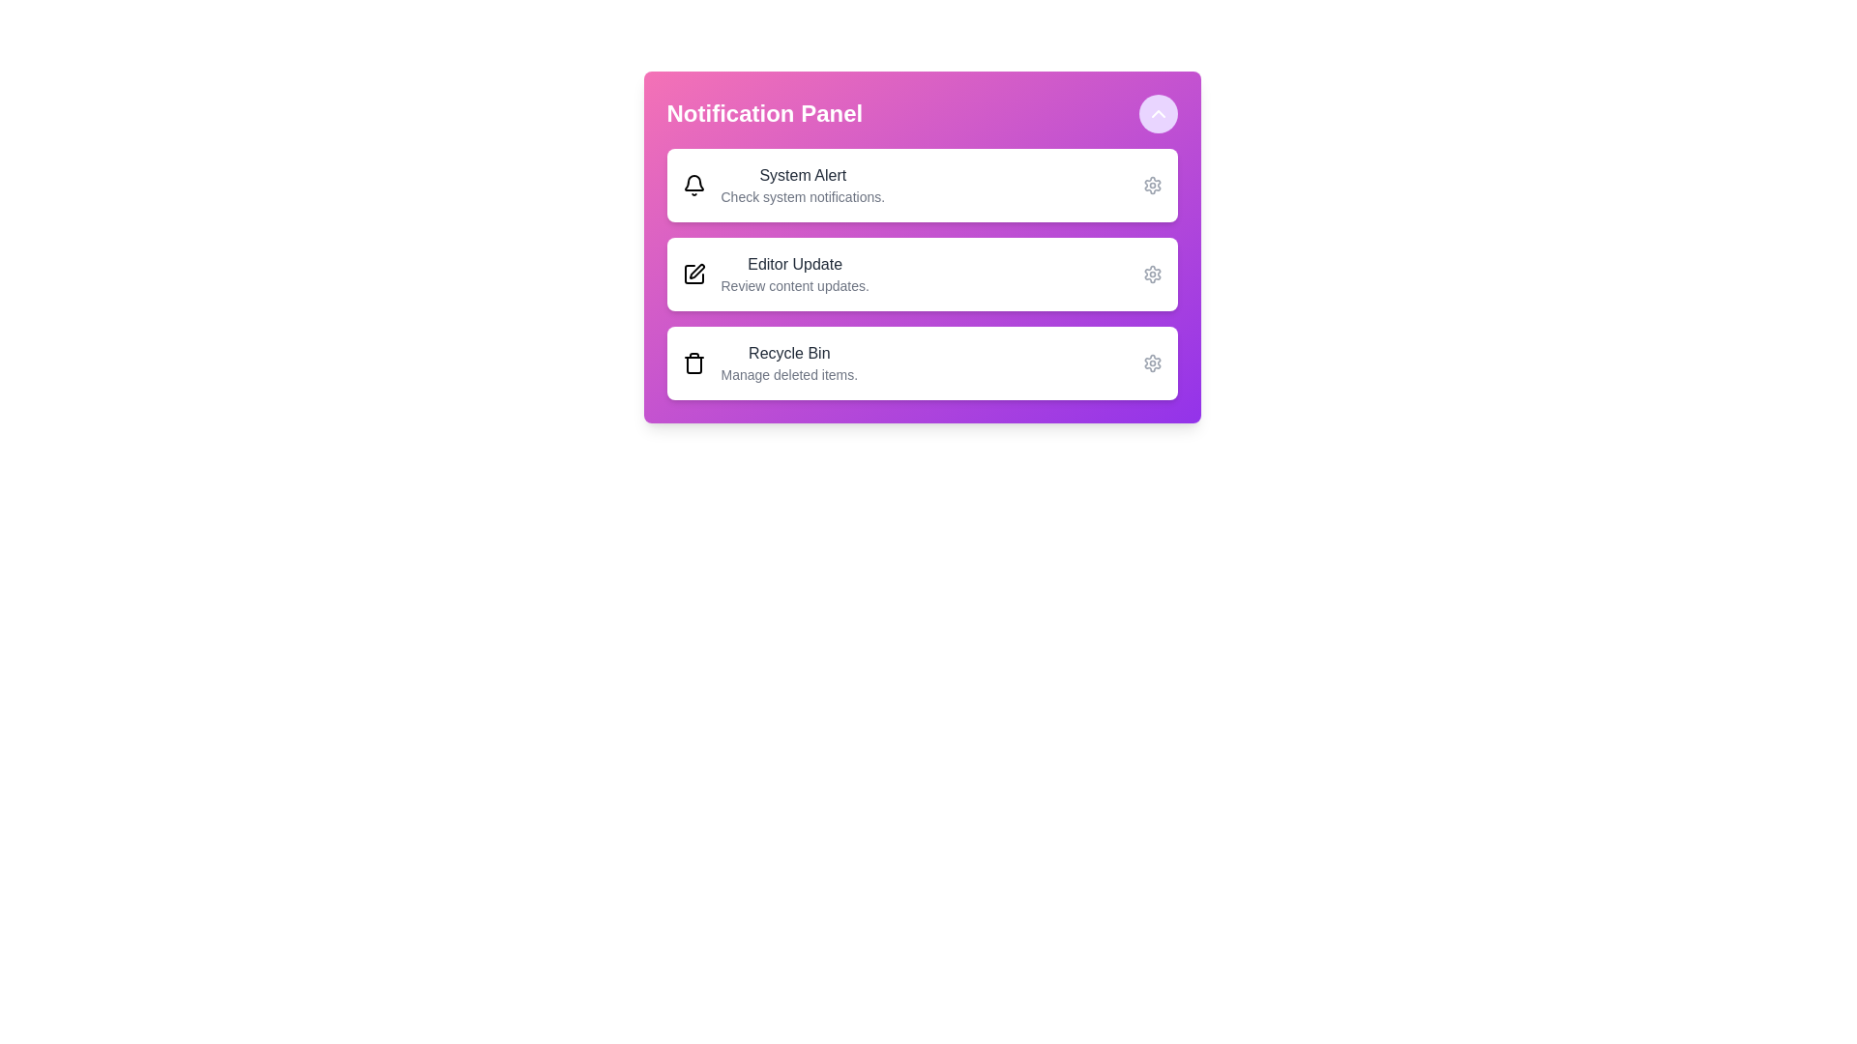 The height and width of the screenshot is (1044, 1857). What do you see at coordinates (921, 275) in the screenshot?
I see `the notification item Editor Update to observe the hover effect` at bounding box center [921, 275].